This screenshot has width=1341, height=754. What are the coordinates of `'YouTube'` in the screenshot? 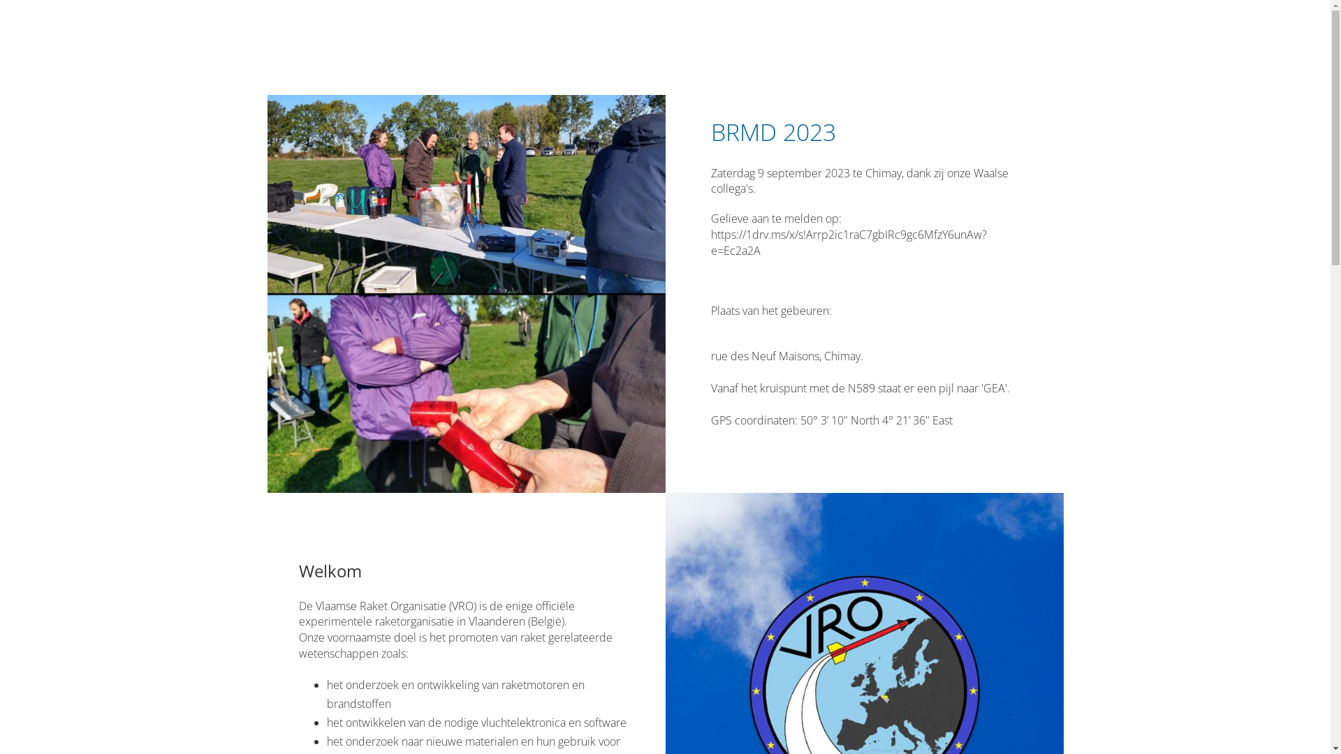 It's located at (1033, 38).